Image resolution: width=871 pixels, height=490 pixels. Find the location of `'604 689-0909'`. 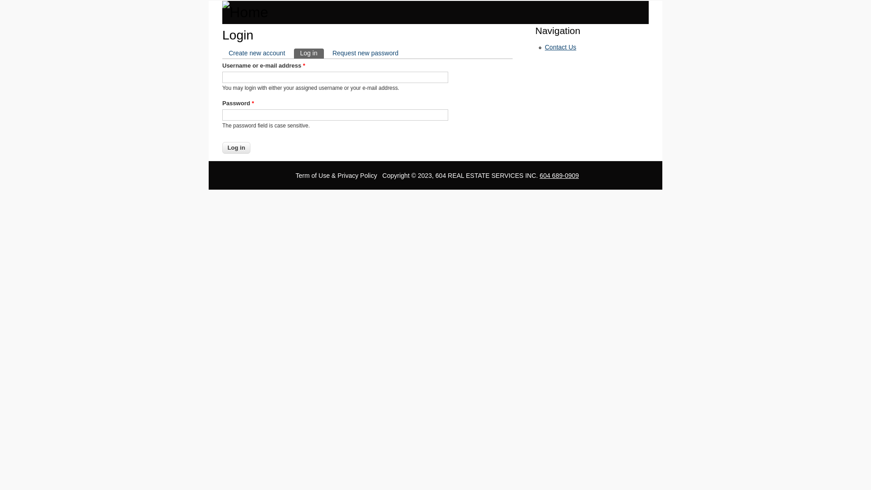

'604 689-0909' is located at coordinates (559, 175).